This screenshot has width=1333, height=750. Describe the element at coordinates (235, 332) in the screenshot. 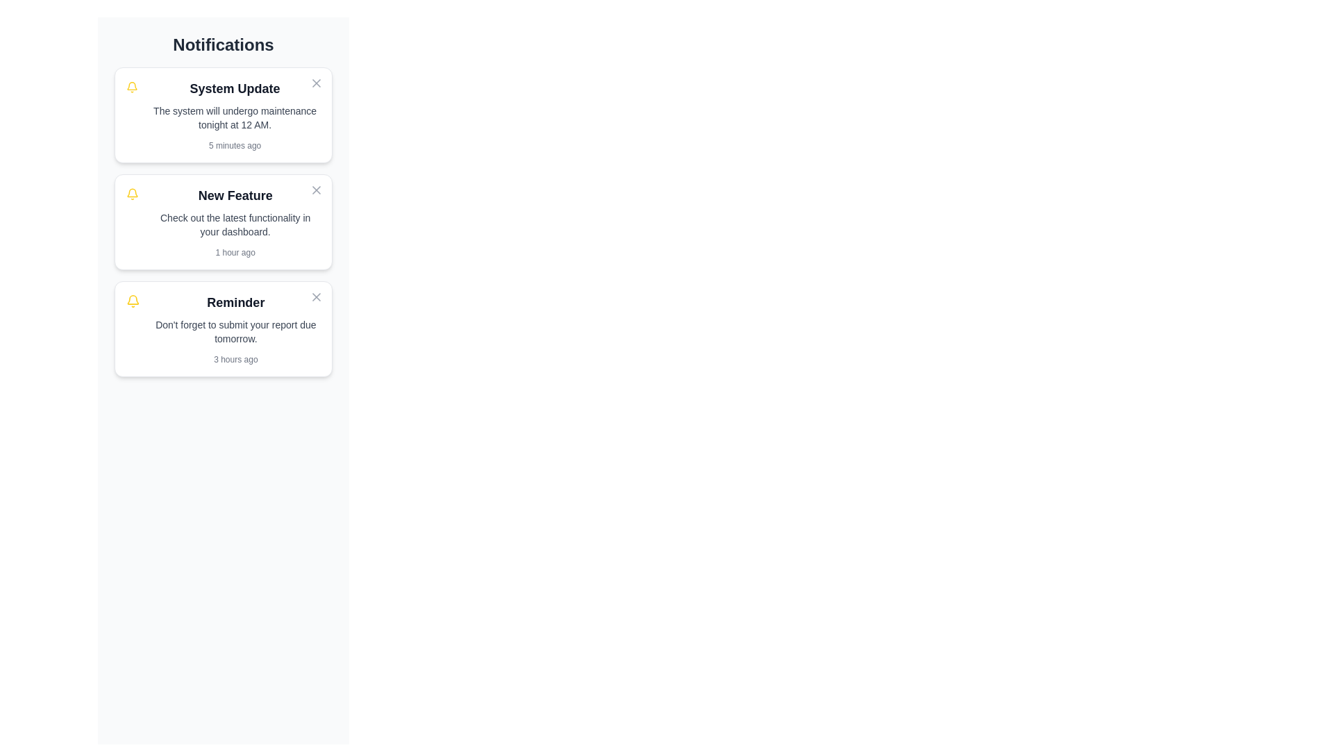

I see `the text notification that reads 'Don't forget to submit your report due tomorrow.' which is styled in a small-sized sans-serif font and located within the 'Reminder' notification card` at that location.